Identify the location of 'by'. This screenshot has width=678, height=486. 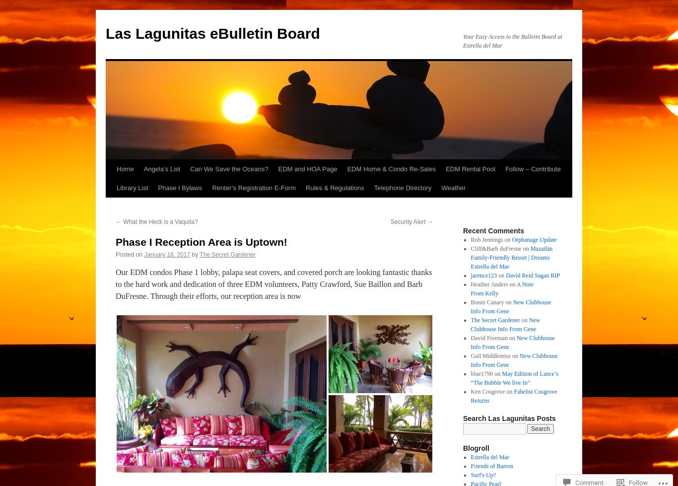
(194, 254).